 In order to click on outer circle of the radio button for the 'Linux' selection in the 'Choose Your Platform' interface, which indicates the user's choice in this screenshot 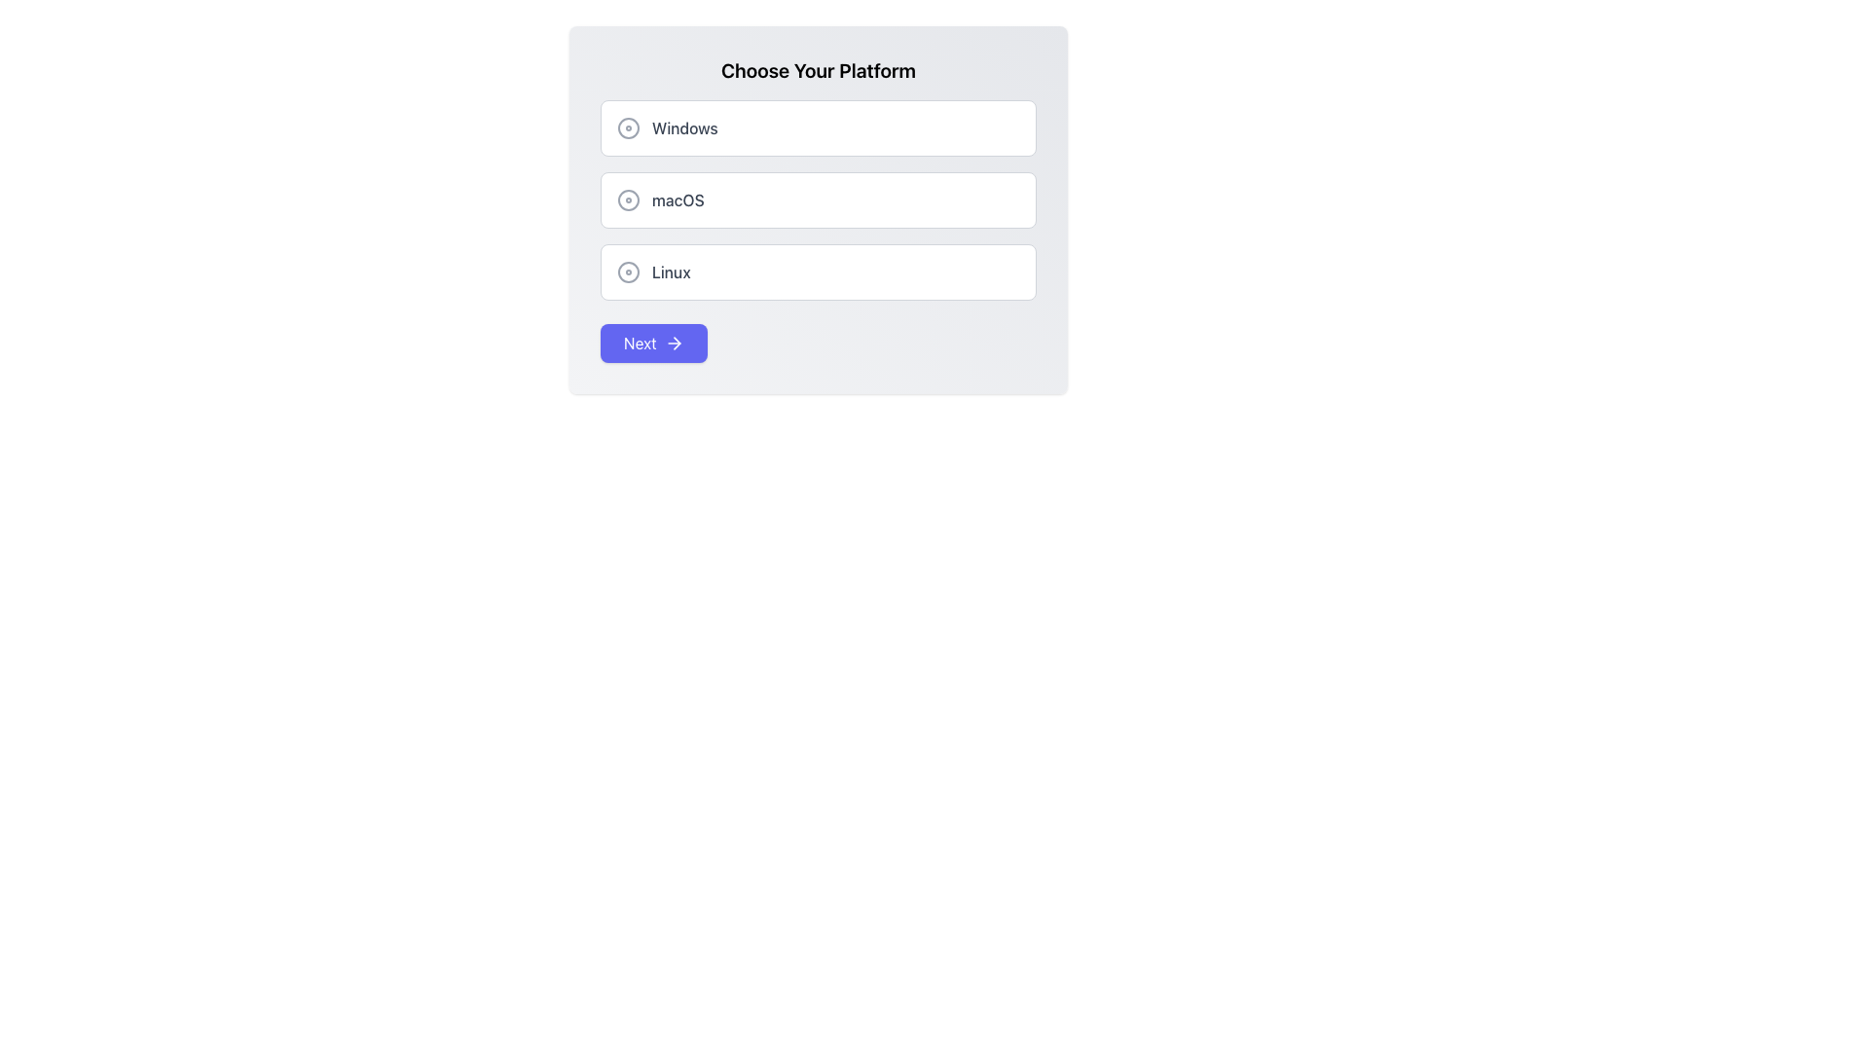, I will do `click(629, 272)`.